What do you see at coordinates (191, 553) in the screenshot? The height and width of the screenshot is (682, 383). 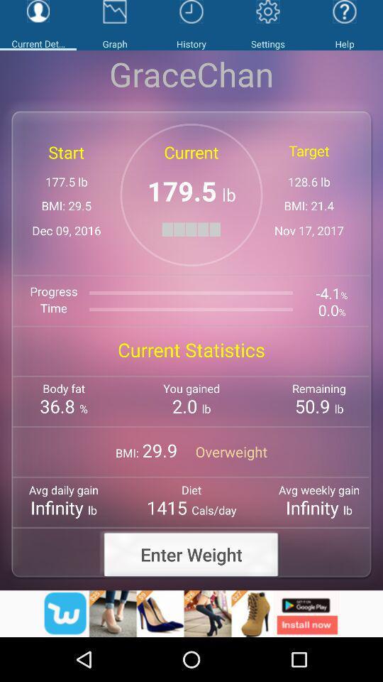 I see `the text enter weight which is in bottom of the page` at bounding box center [191, 553].